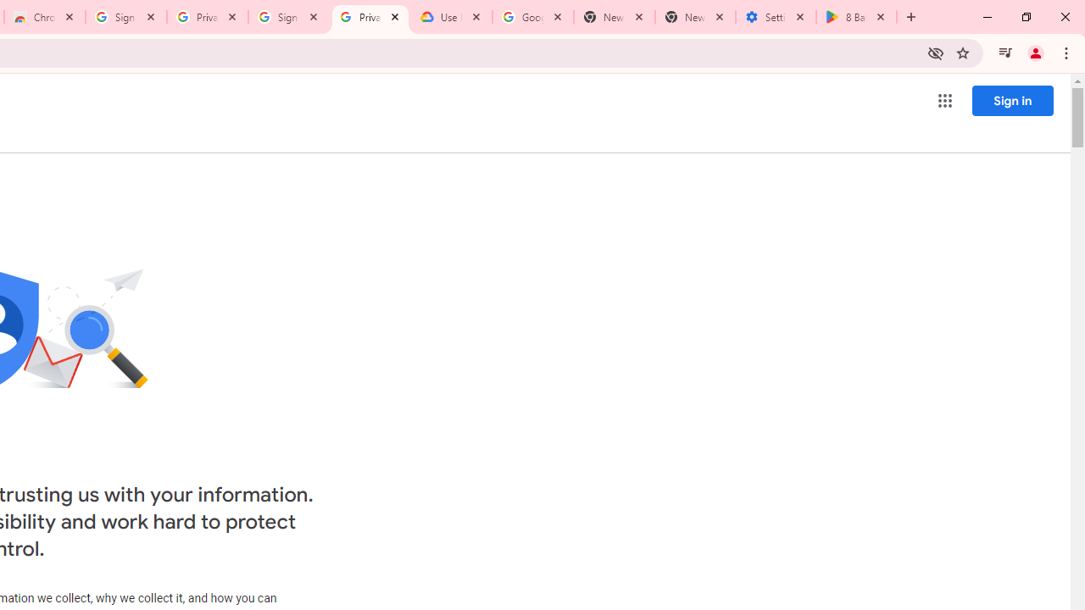  I want to click on 'Sign in - Google Accounts', so click(125, 17).